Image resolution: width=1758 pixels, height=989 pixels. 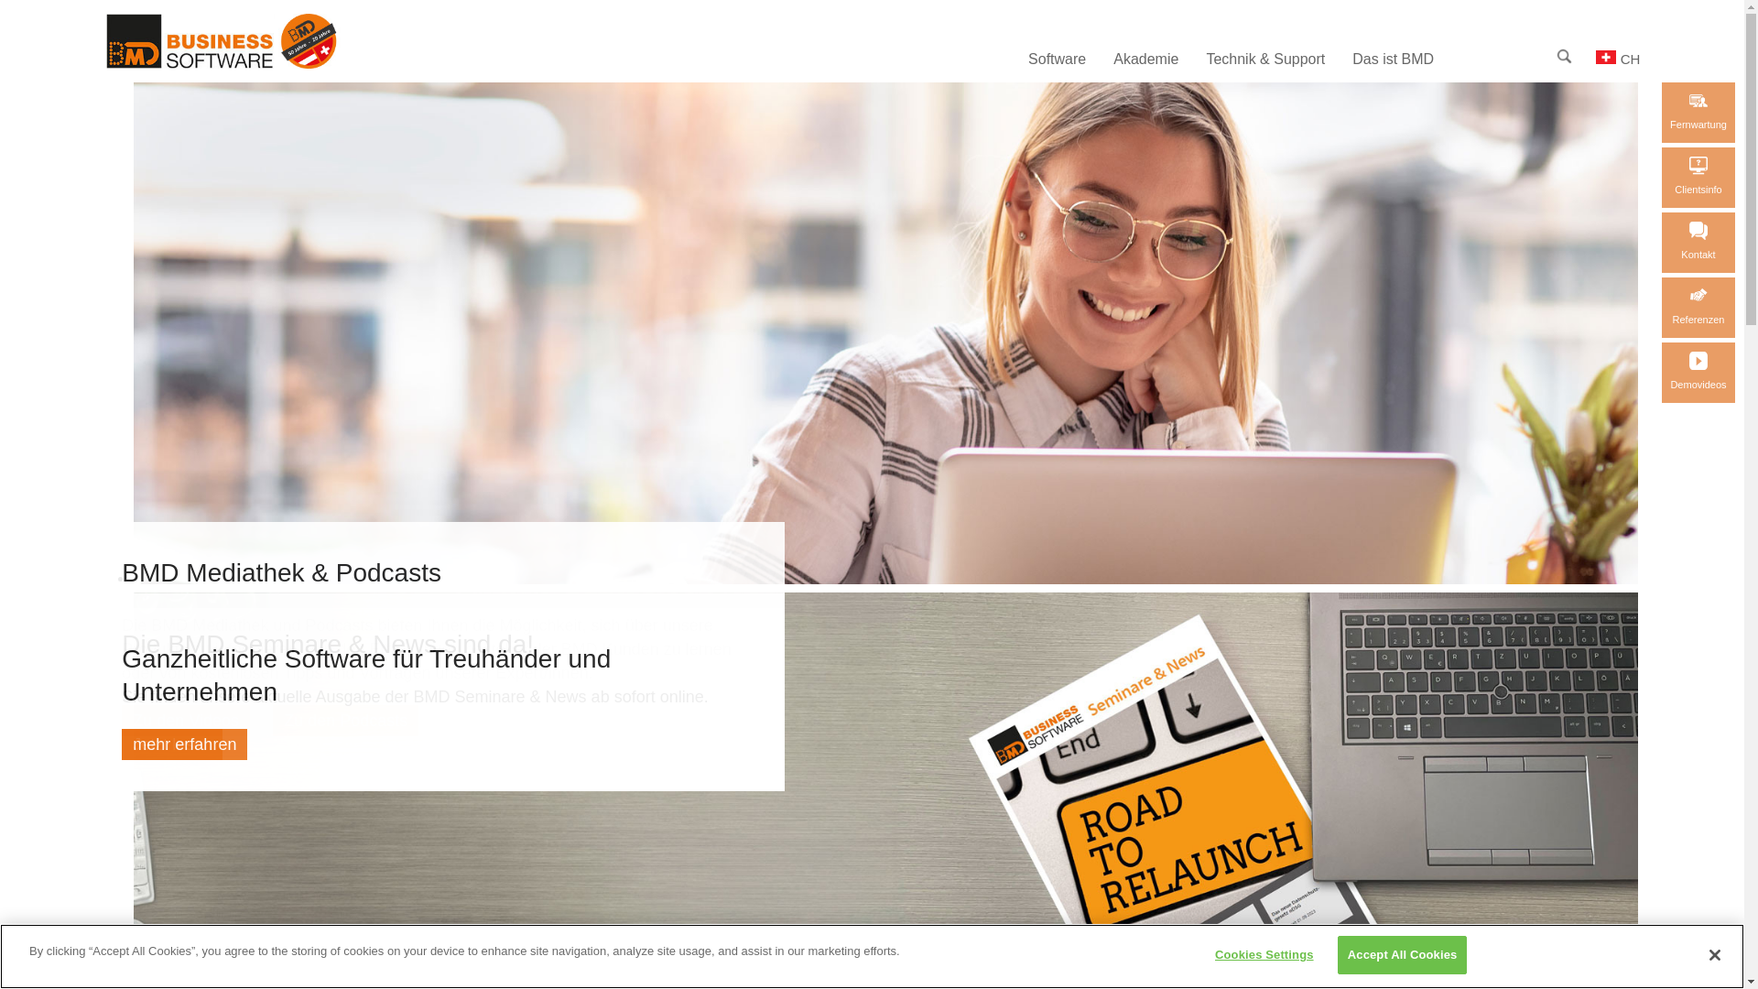 What do you see at coordinates (1145, 59) in the screenshot?
I see `'Akademie'` at bounding box center [1145, 59].